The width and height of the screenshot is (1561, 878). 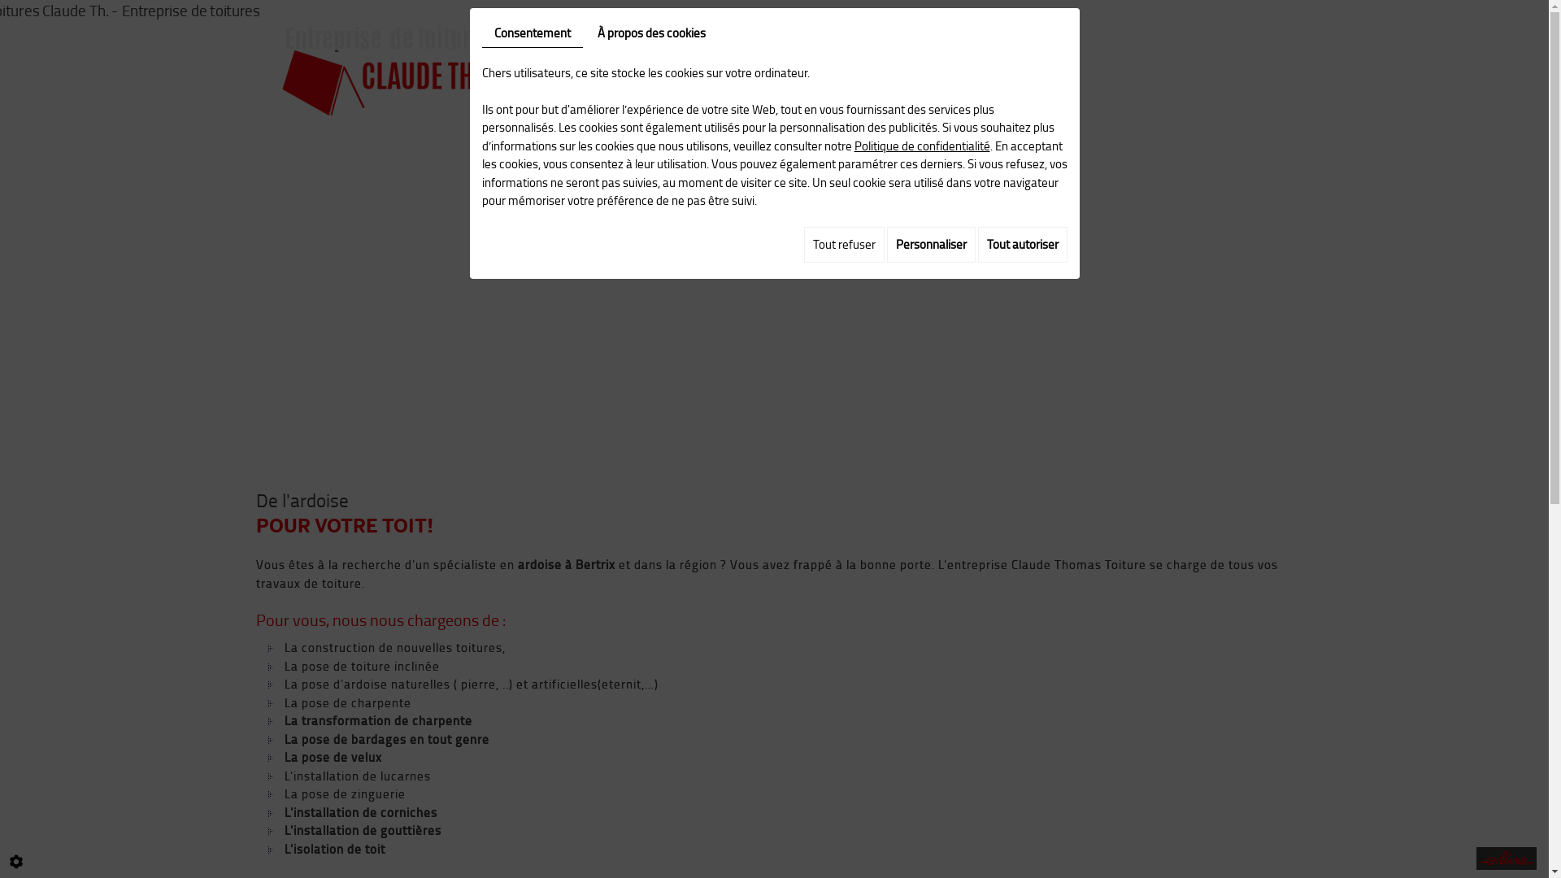 What do you see at coordinates (531, 34) in the screenshot?
I see `'Consentement'` at bounding box center [531, 34].